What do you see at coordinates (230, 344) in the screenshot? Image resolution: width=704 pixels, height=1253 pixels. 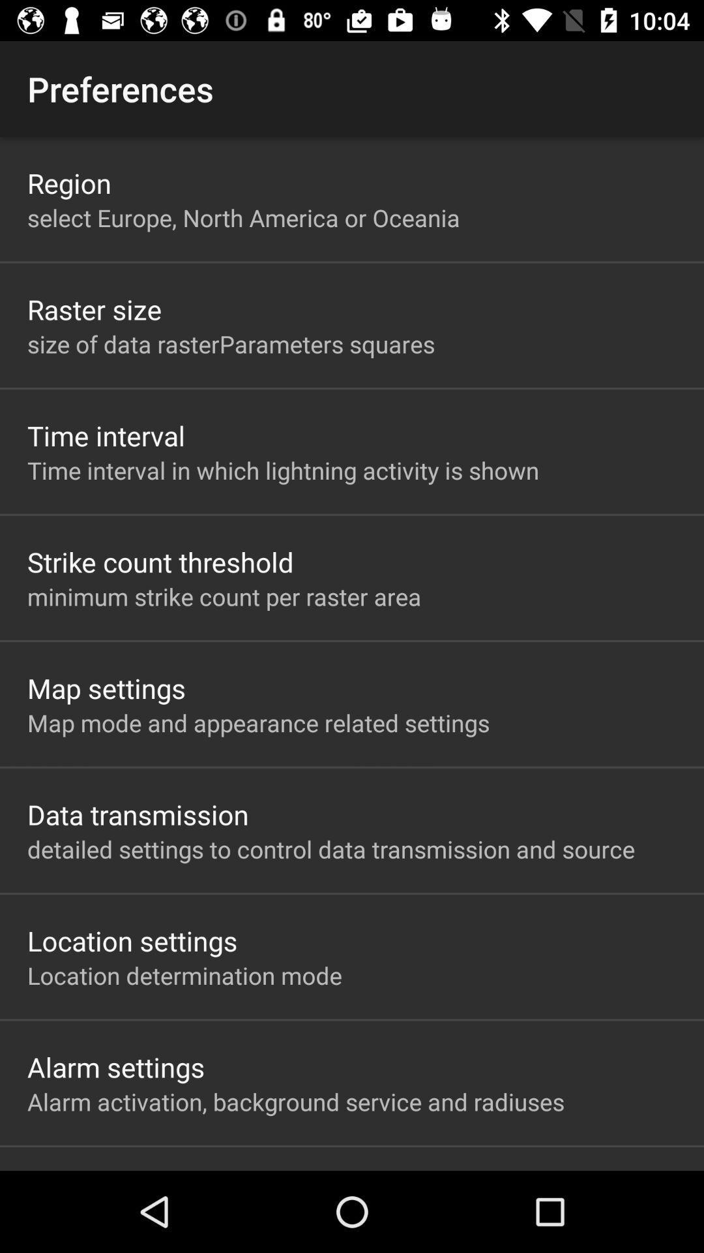 I see `size of data app` at bounding box center [230, 344].